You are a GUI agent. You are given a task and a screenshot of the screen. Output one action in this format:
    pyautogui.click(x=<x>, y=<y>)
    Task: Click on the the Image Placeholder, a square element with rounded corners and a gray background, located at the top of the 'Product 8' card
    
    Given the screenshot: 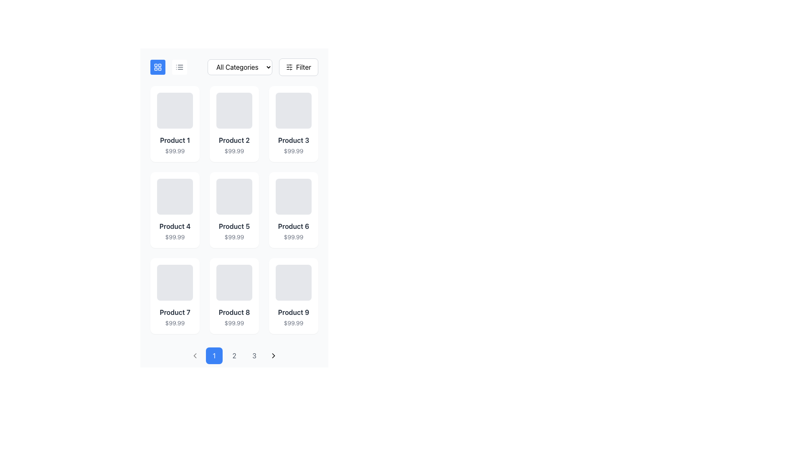 What is the action you would take?
    pyautogui.click(x=234, y=282)
    